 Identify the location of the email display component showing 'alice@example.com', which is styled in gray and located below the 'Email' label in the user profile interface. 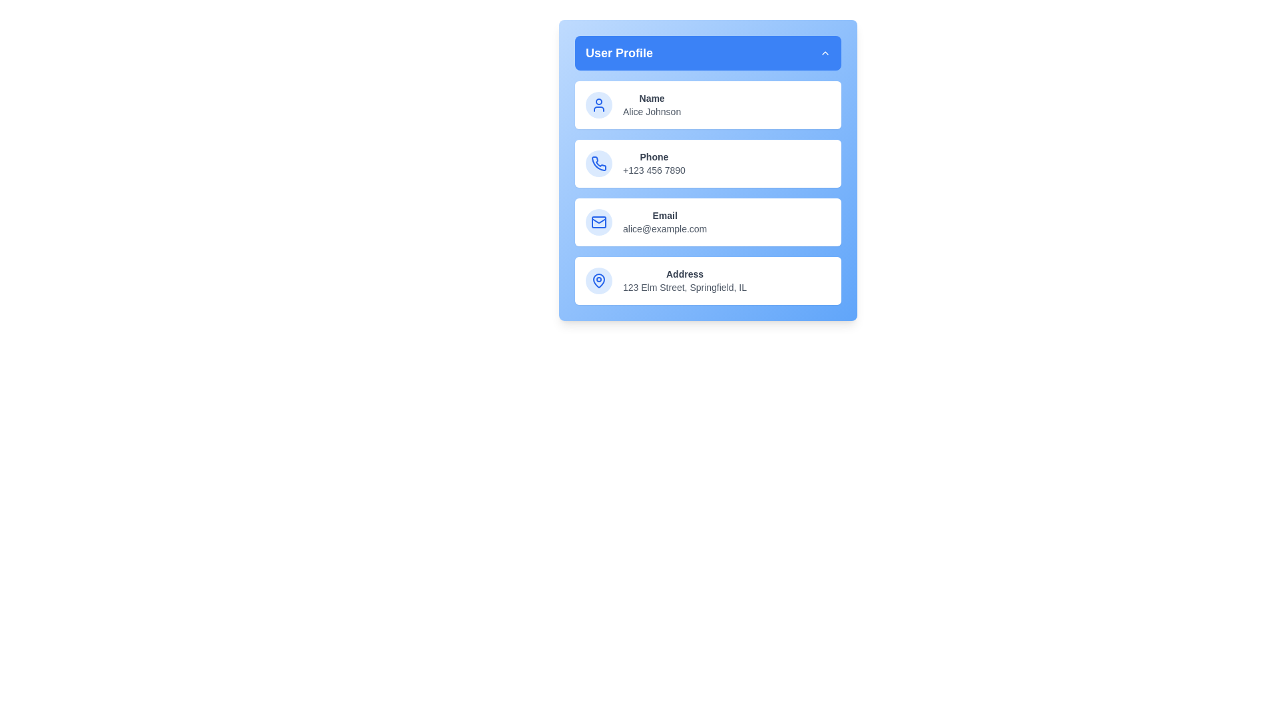
(665, 228).